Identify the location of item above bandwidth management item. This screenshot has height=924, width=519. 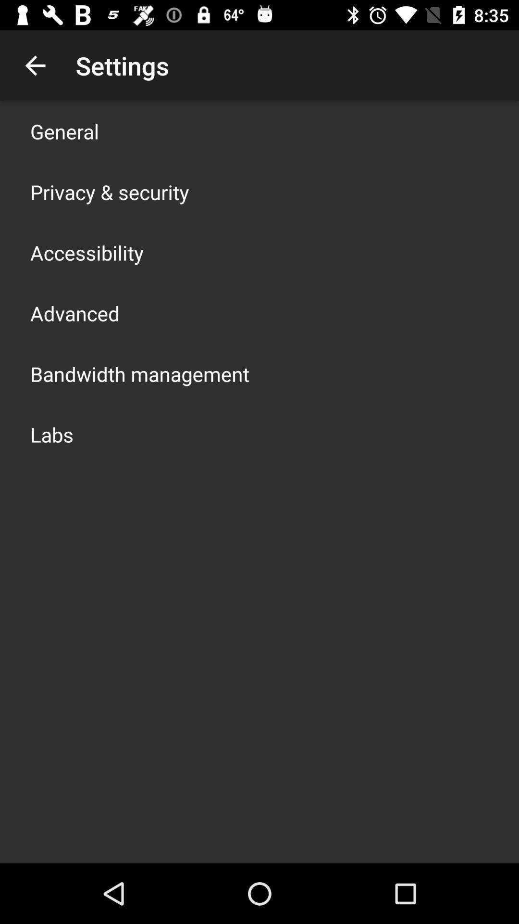
(74, 313).